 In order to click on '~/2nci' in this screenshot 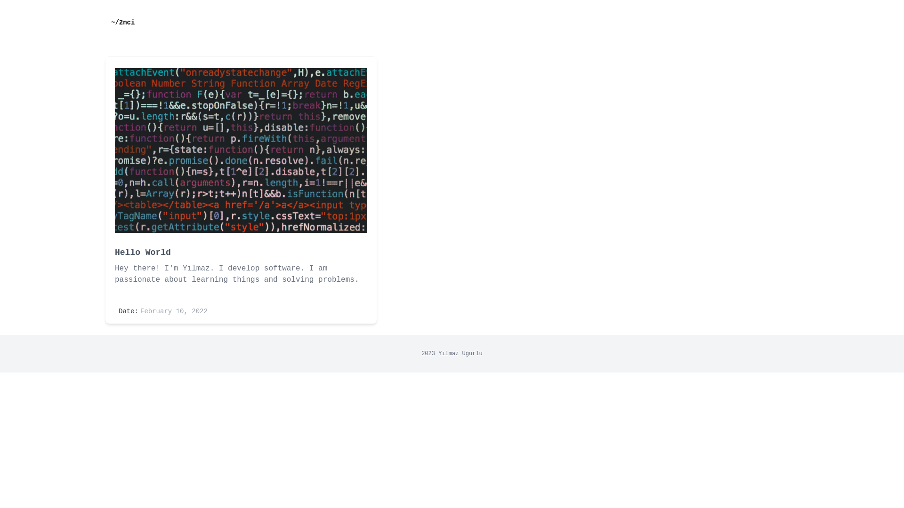, I will do `click(105, 22)`.